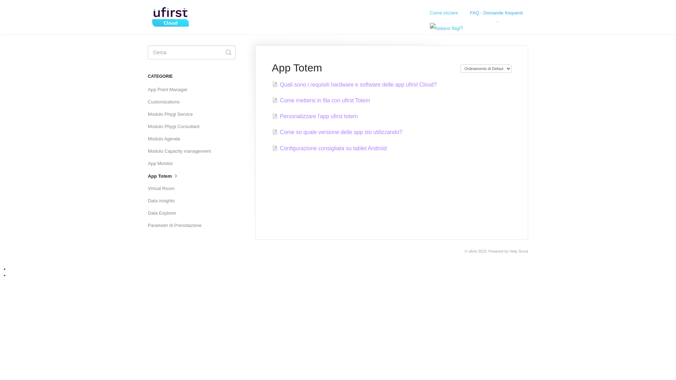  What do you see at coordinates (177, 225) in the screenshot?
I see `'Parametri di Prenotazione'` at bounding box center [177, 225].